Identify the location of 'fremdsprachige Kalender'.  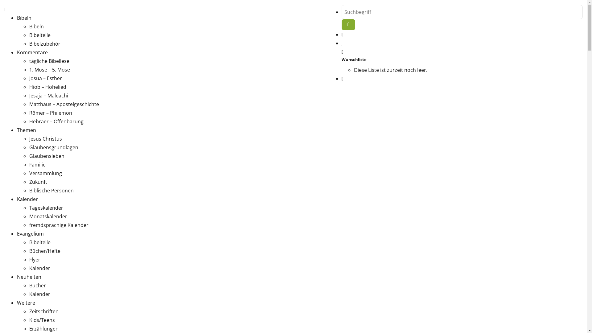
(59, 225).